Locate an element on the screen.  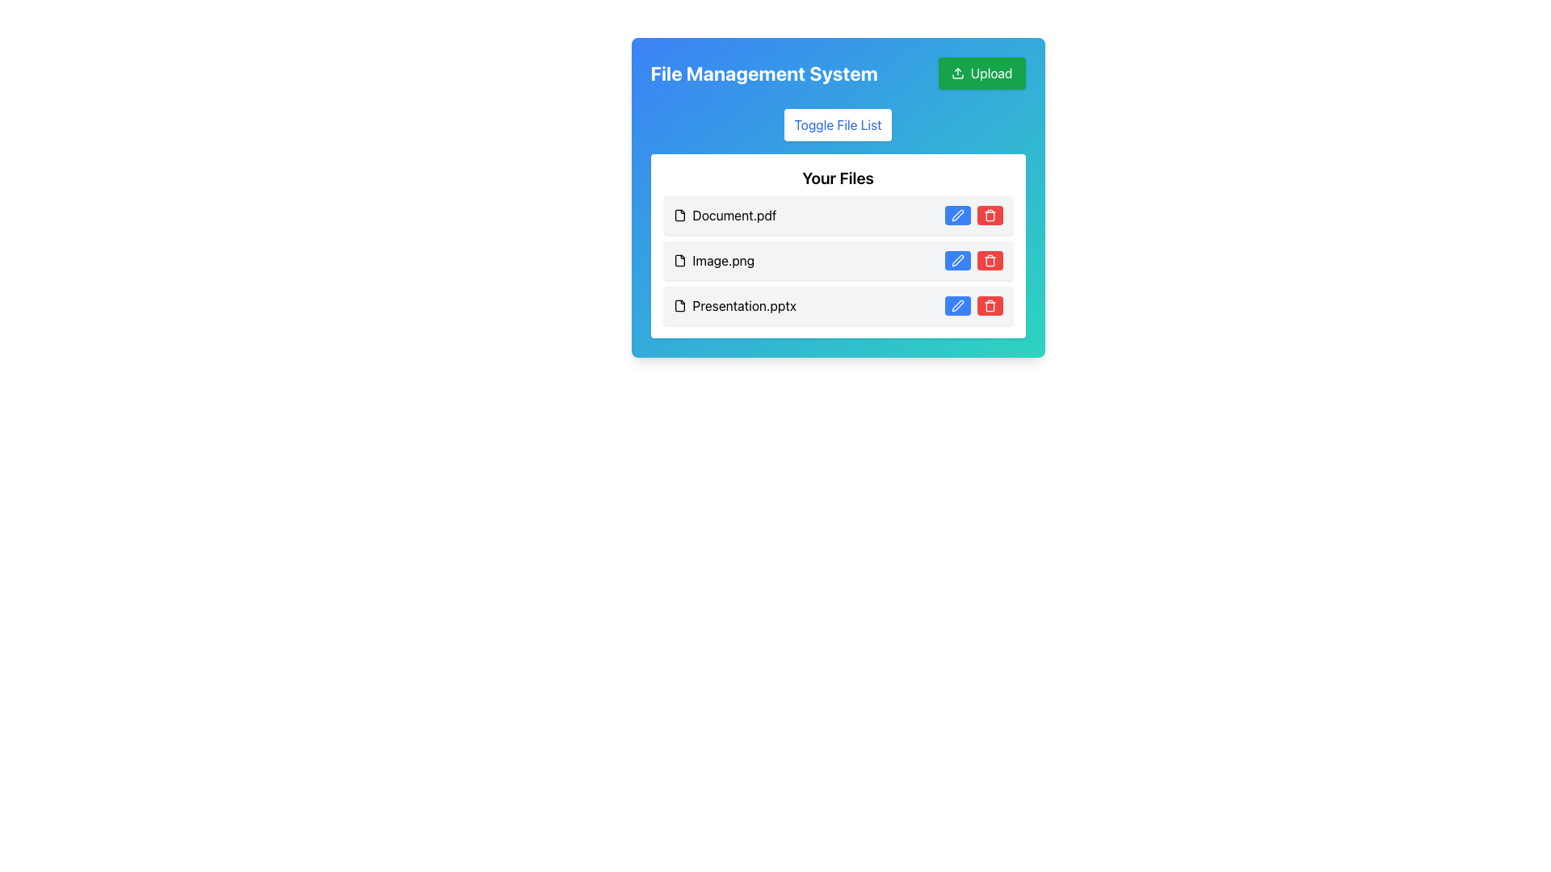
the presentation file icon located to the left of the 'Presentation.pptx' label in the third row of the 'Your Files' list is located at coordinates (679, 305).